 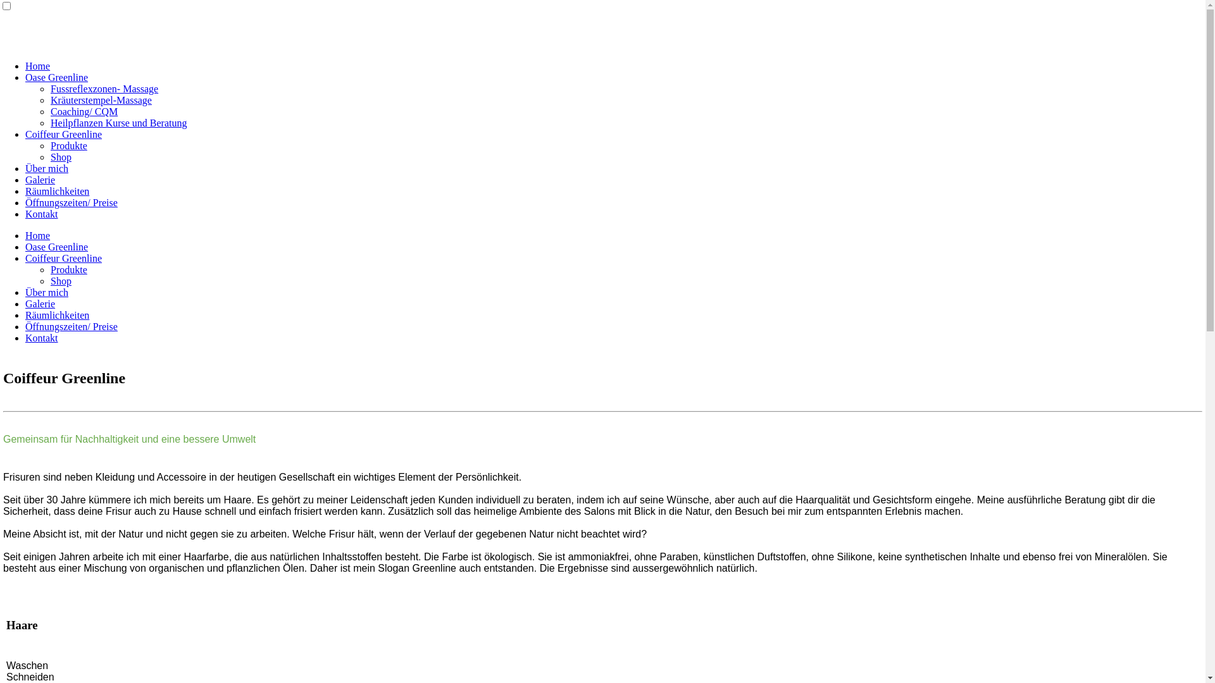 What do you see at coordinates (118, 123) in the screenshot?
I see `'Heilpflanzen Kurse und Beratung'` at bounding box center [118, 123].